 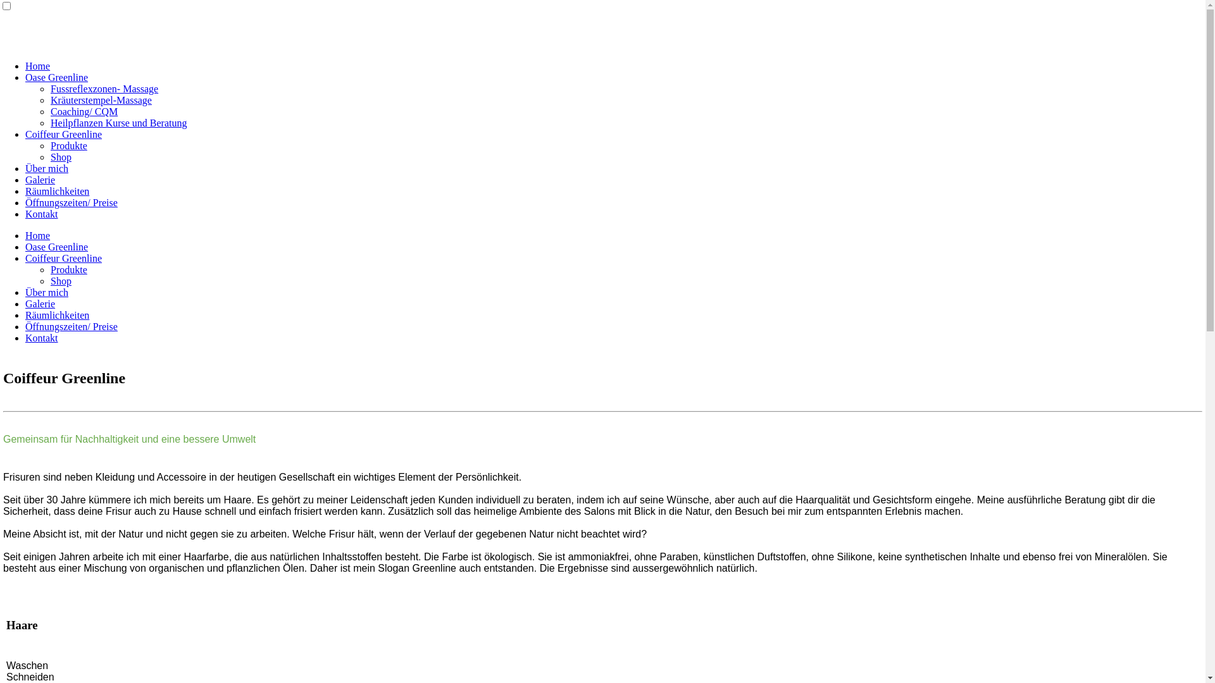 What do you see at coordinates (118, 123) in the screenshot?
I see `'Heilpflanzen Kurse und Beratung'` at bounding box center [118, 123].